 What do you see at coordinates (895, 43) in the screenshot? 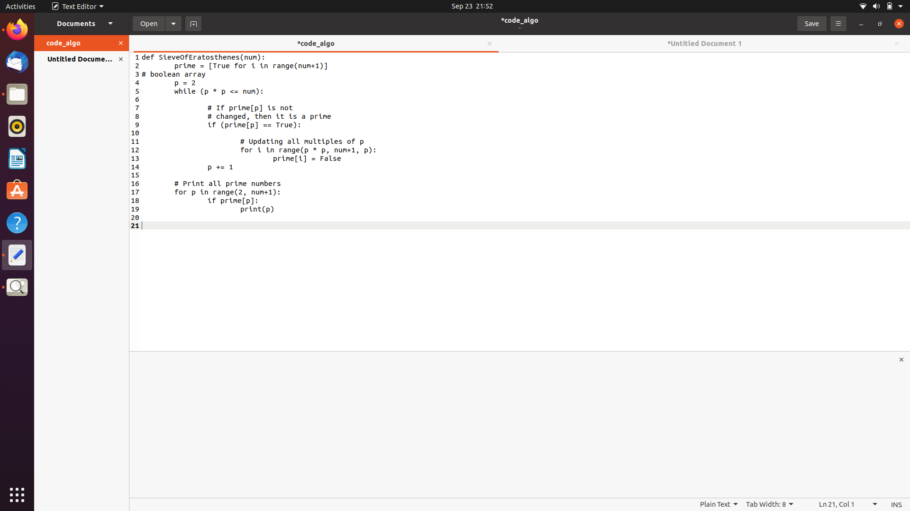
I see `Shut the tab of the unnamed document using the tab bar` at bounding box center [895, 43].